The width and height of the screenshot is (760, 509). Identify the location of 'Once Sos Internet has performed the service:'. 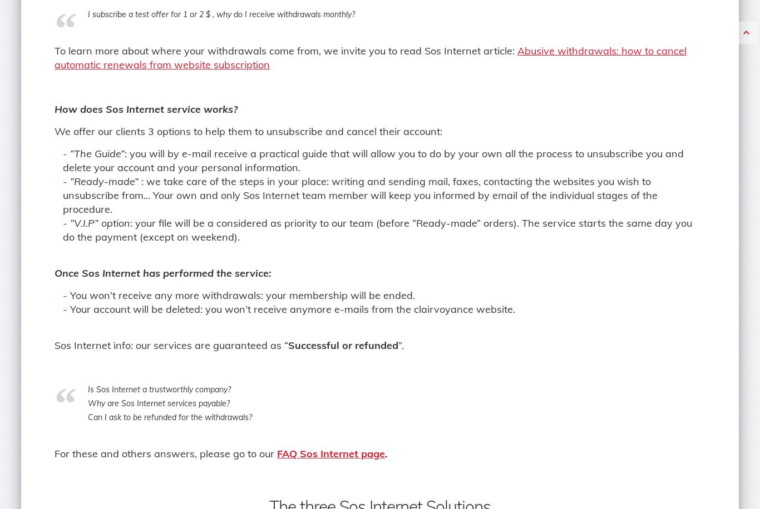
(163, 273).